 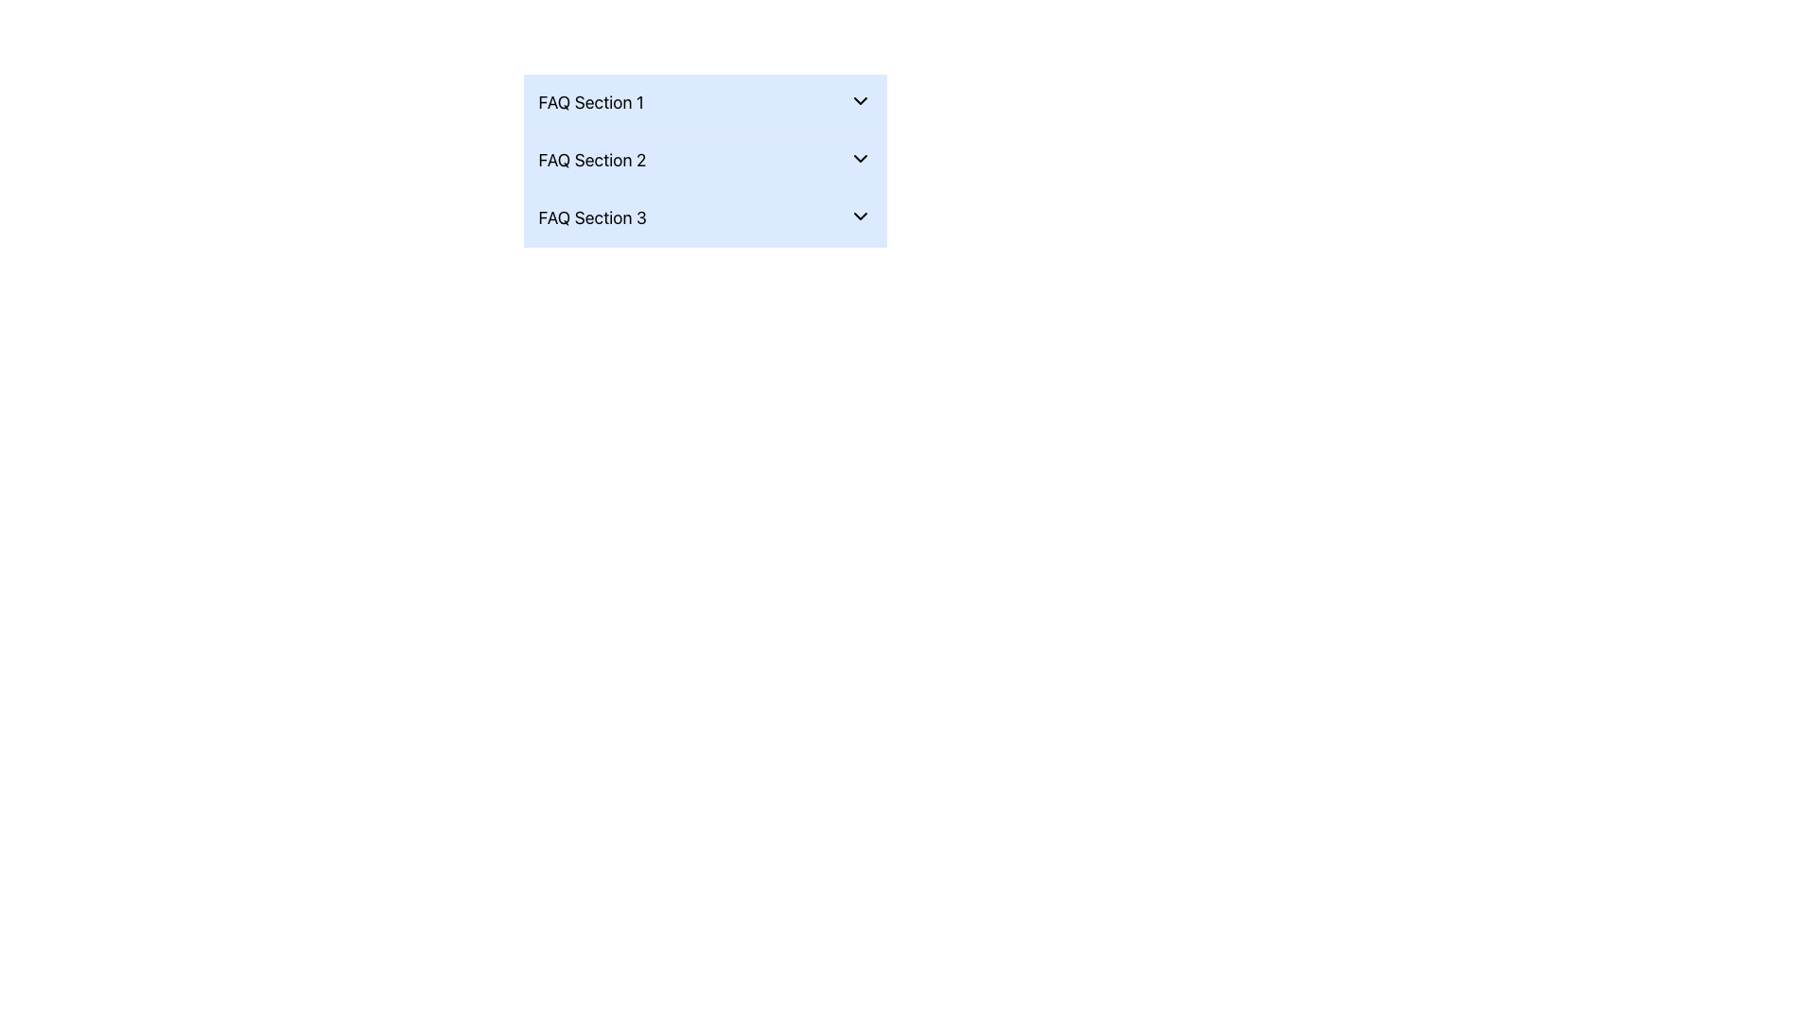 What do you see at coordinates (590, 102) in the screenshot?
I see `the 'FAQ Section 1' text label` at bounding box center [590, 102].